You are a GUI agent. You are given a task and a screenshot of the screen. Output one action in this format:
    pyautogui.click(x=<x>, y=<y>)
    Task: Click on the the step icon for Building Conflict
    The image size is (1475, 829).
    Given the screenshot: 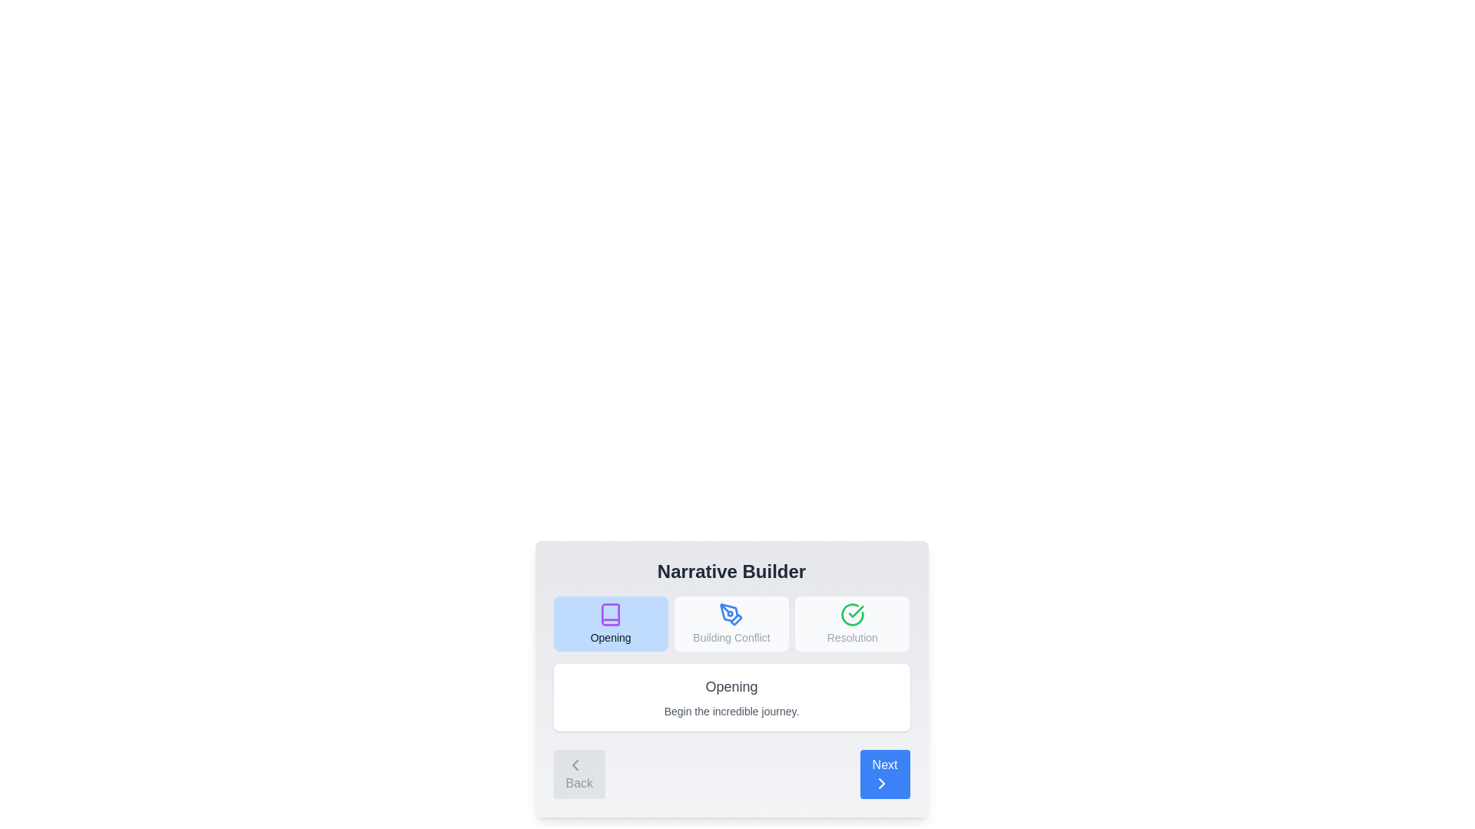 What is the action you would take?
    pyautogui.click(x=731, y=624)
    